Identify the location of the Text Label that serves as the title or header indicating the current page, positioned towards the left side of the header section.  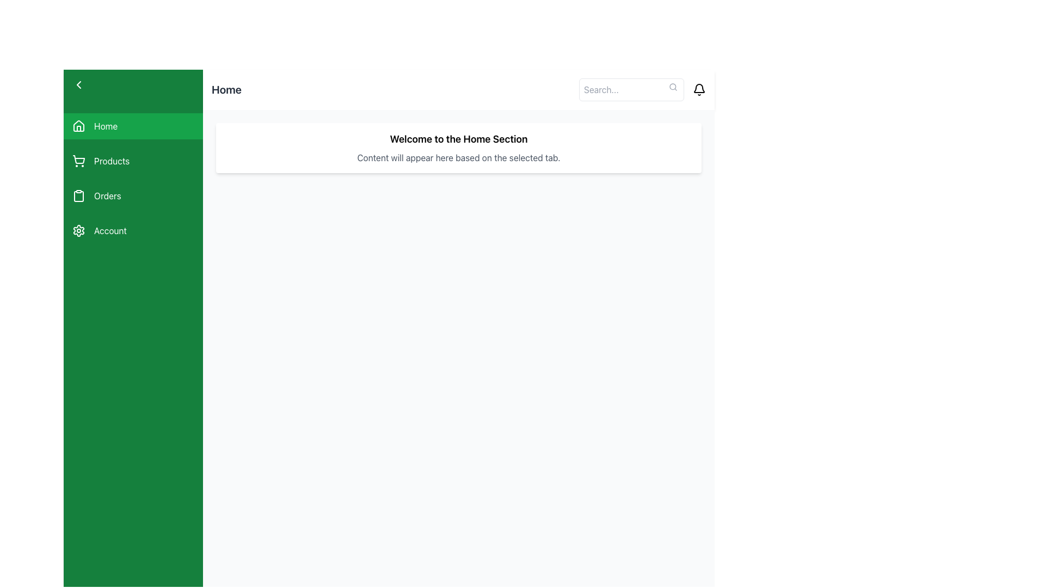
(226, 89).